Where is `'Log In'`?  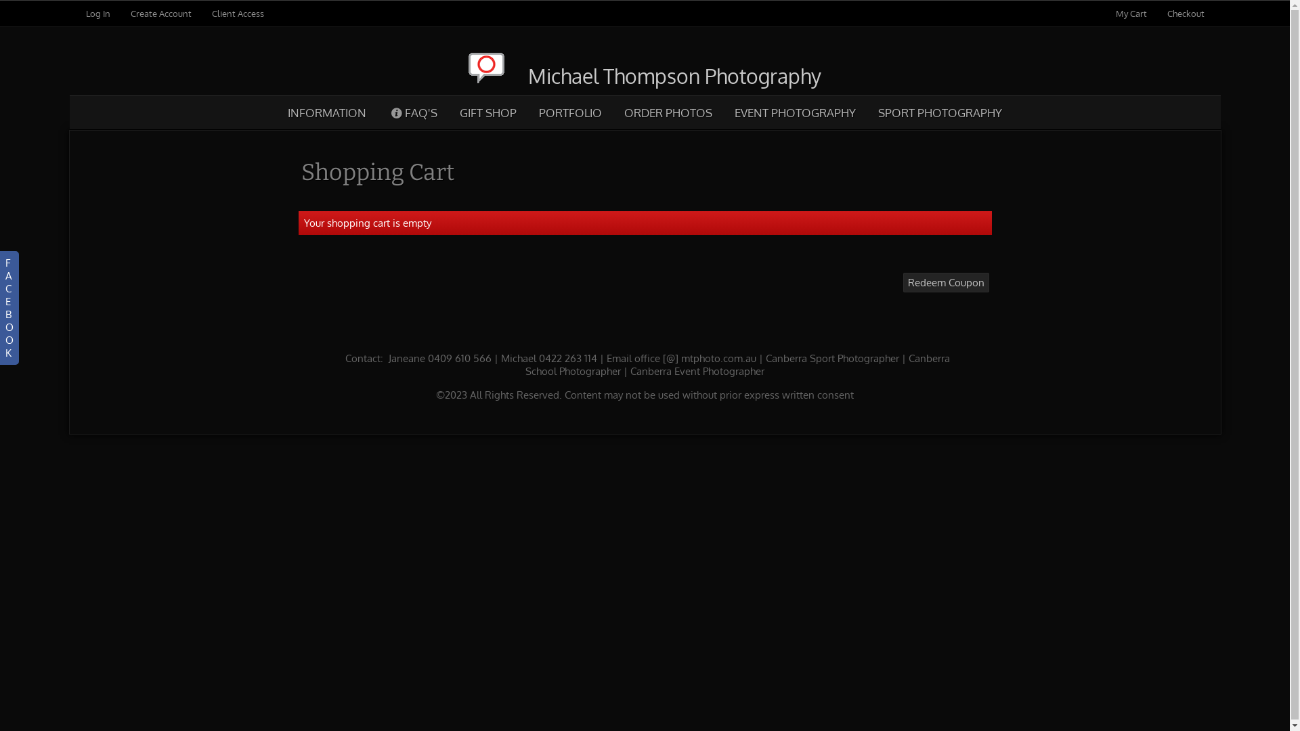 'Log In' is located at coordinates (97, 13).